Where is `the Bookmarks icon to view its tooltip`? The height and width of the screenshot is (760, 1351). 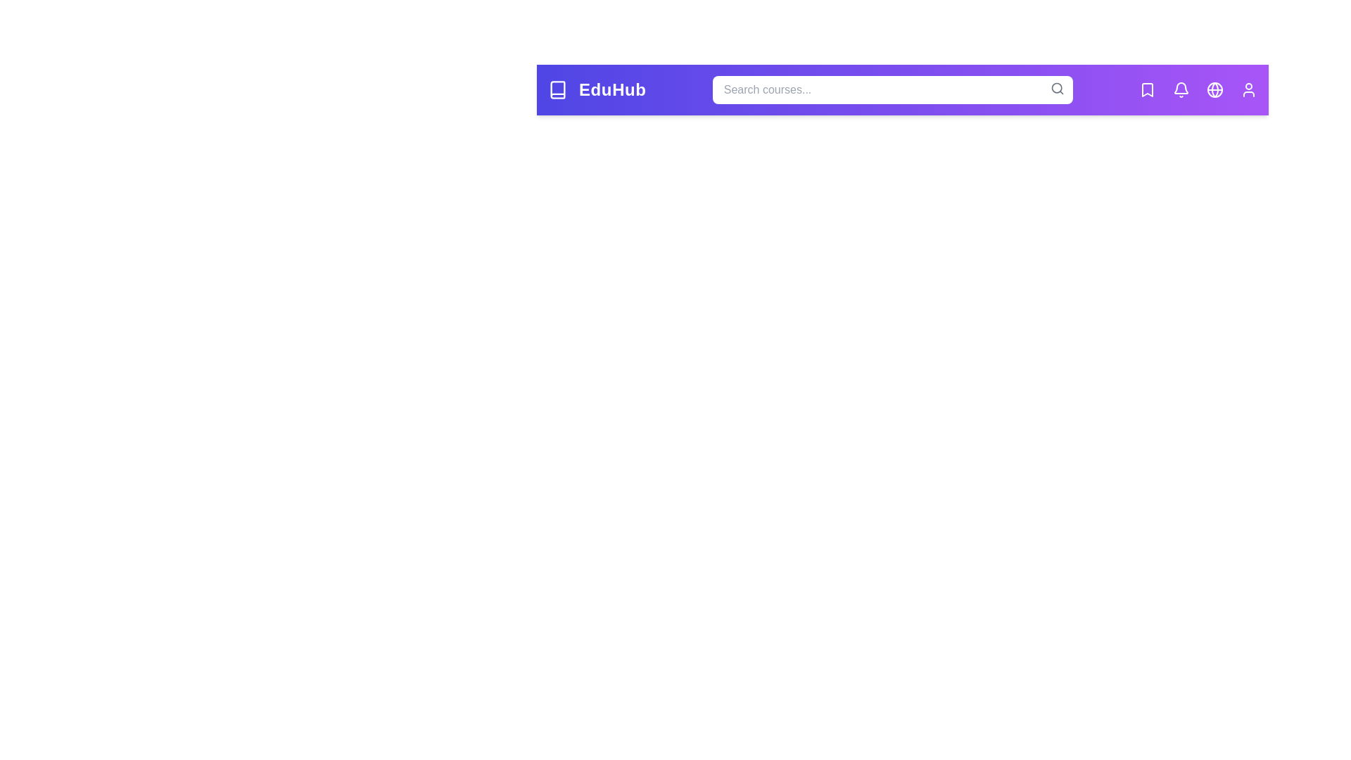 the Bookmarks icon to view its tooltip is located at coordinates (1148, 89).